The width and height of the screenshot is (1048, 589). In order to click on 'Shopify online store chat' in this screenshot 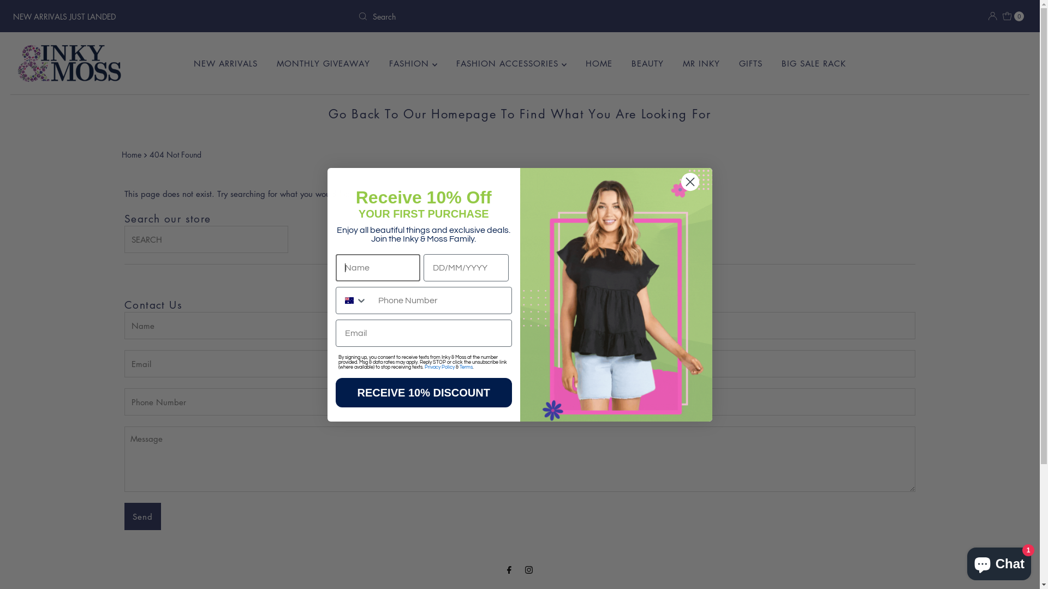, I will do `click(999, 561)`.